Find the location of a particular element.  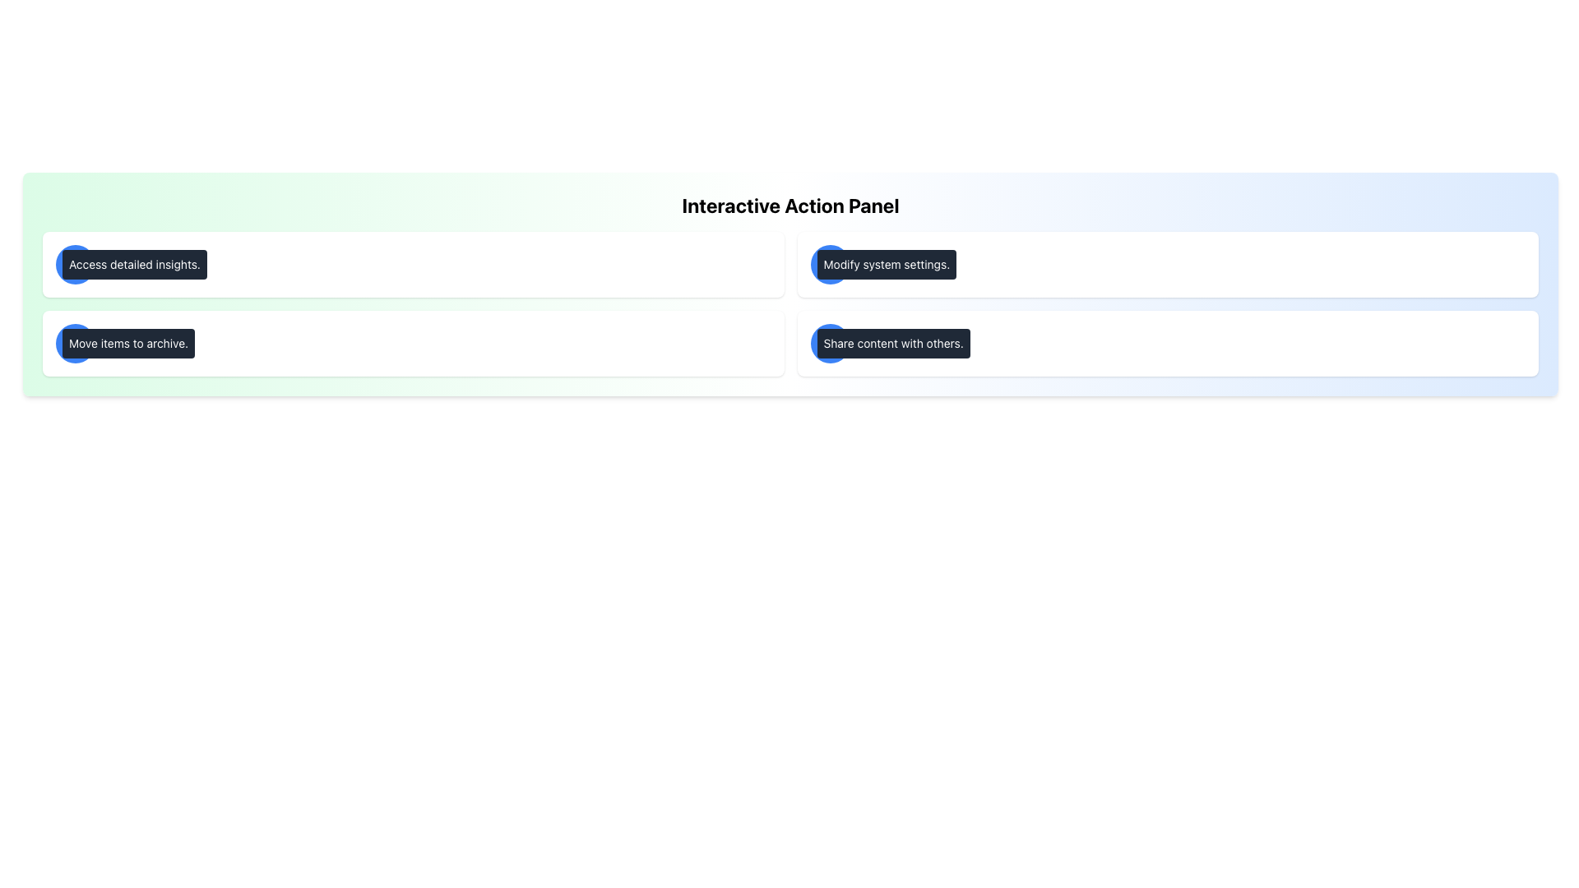

the Text Label located in the top-right card, which indicates an action related to configuring system settings is located at coordinates (896, 263).